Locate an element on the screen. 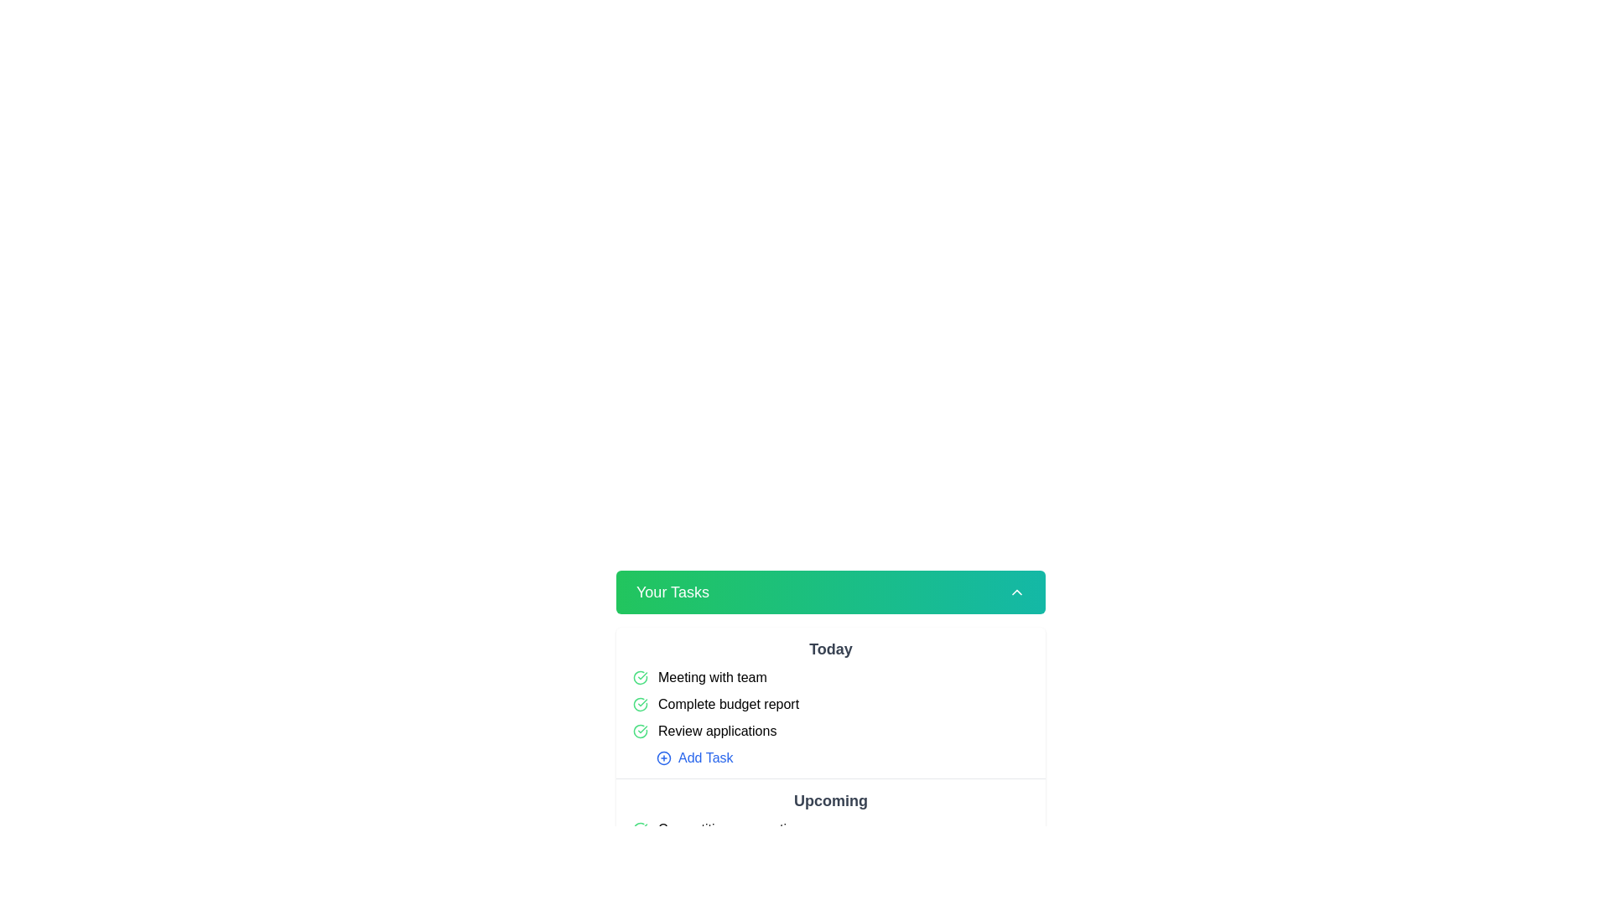  the button to add a new task to the 'Today' list, located beneath the task list after 'Review applications' is located at coordinates (683, 758).